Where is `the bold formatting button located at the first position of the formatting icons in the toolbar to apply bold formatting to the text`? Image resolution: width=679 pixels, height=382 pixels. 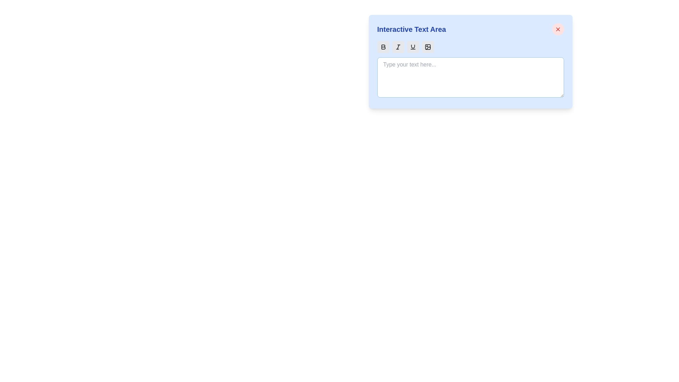 the bold formatting button located at the first position of the formatting icons in the toolbar to apply bold formatting to the text is located at coordinates (383, 47).